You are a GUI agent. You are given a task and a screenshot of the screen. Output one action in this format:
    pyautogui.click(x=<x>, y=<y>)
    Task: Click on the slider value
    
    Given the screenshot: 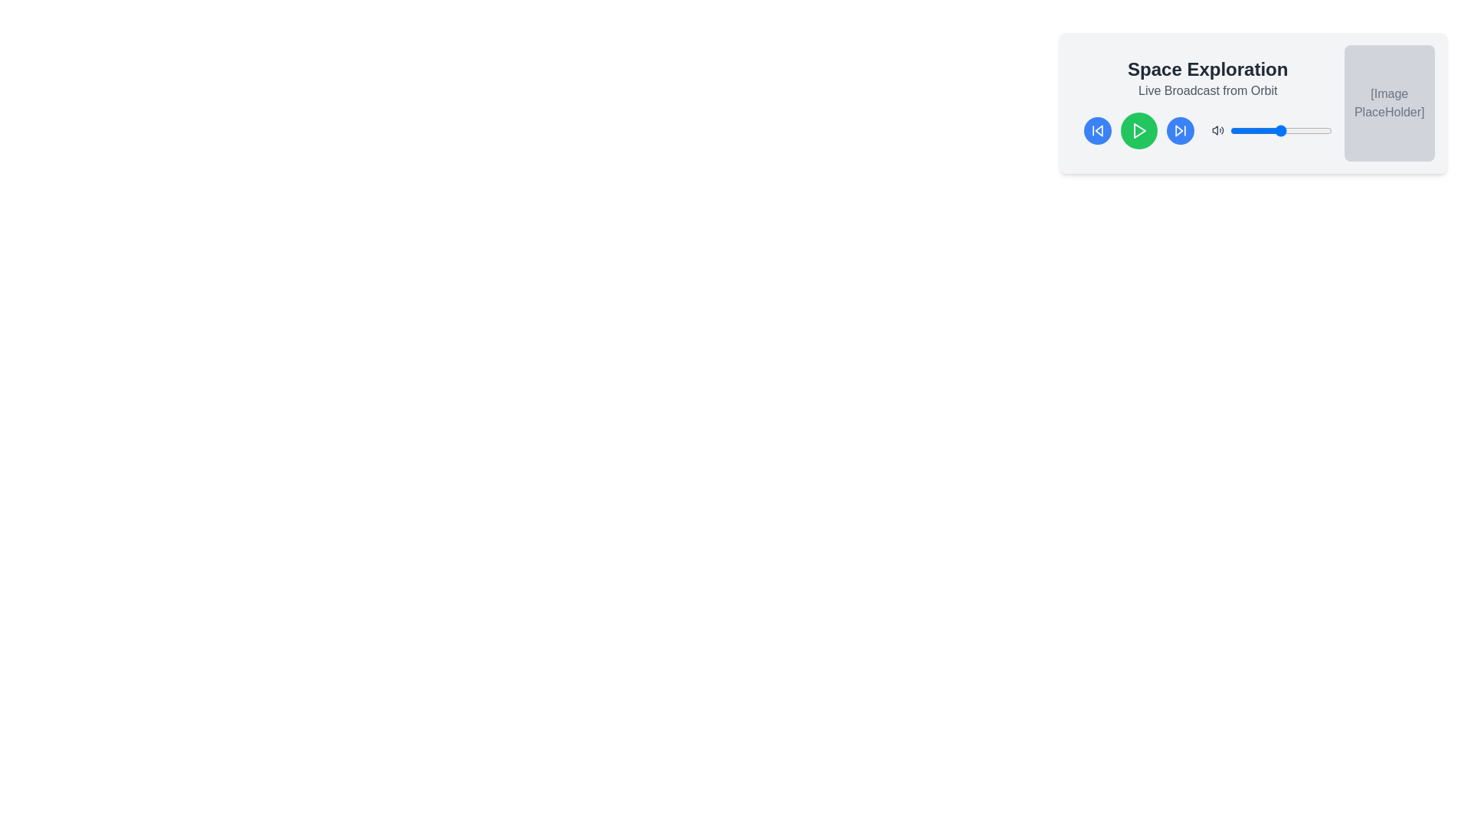 What is the action you would take?
    pyautogui.click(x=1314, y=129)
    